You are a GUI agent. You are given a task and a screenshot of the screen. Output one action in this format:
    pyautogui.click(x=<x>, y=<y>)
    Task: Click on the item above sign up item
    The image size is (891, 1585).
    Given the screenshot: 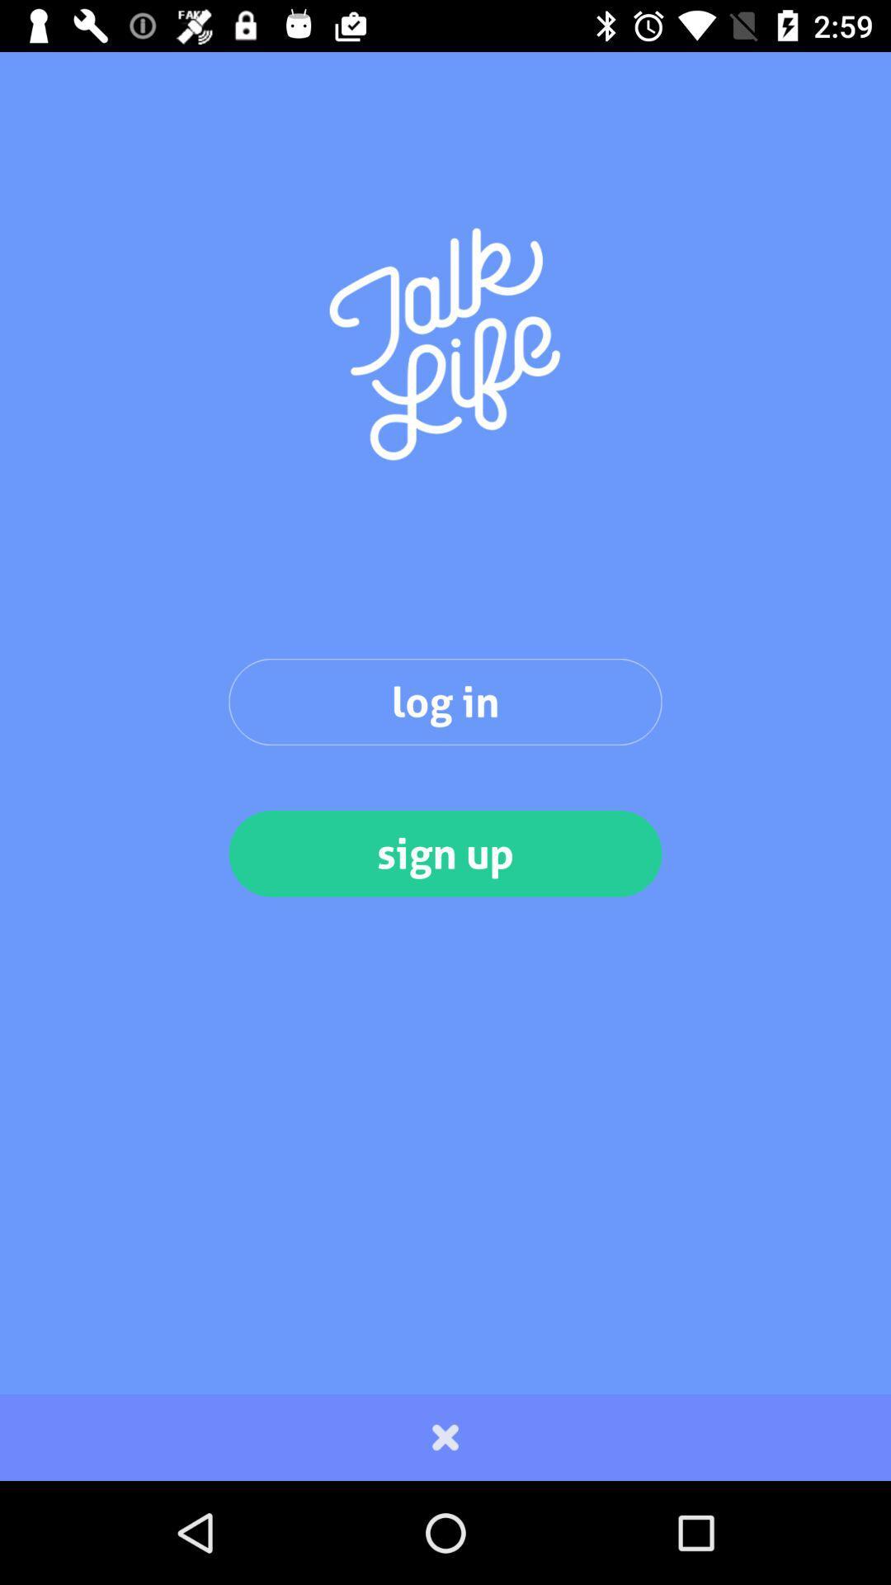 What is the action you would take?
    pyautogui.click(x=445, y=702)
    